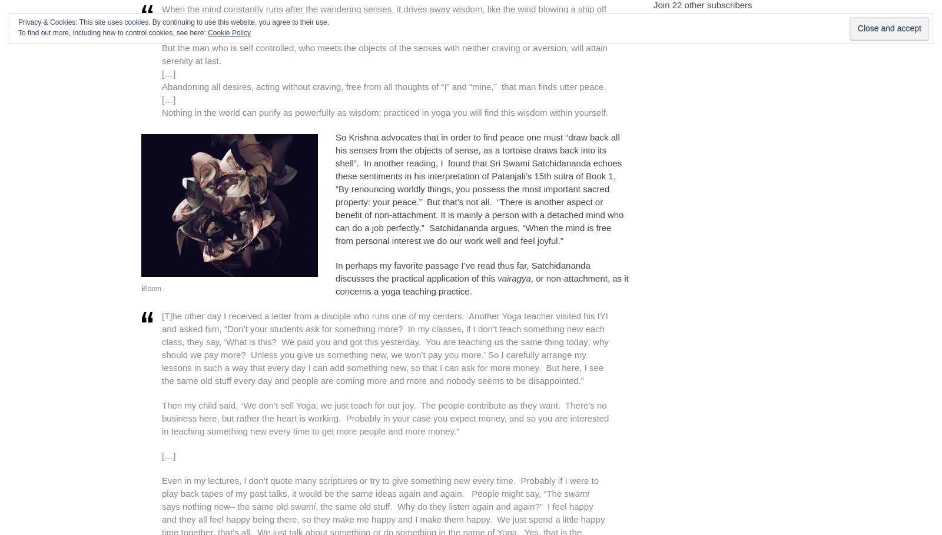  Describe the element at coordinates (481, 284) in the screenshot. I see `', or non-attachment, as it concerns a yoga teaching practice.'` at that location.